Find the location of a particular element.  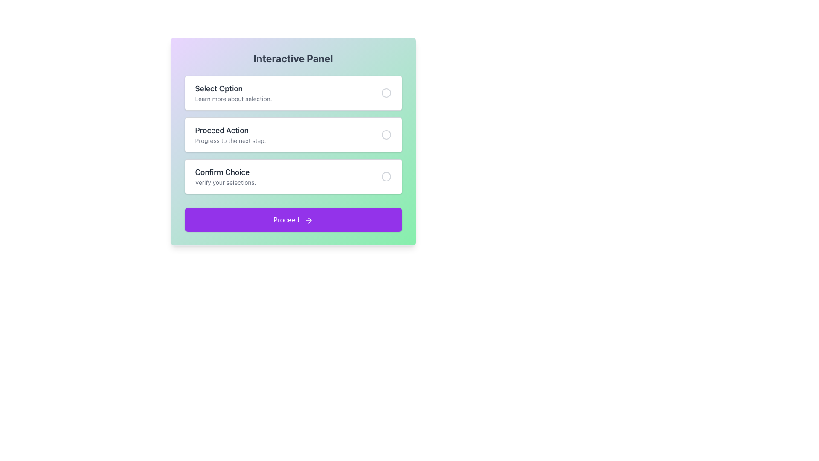

the text label that indicates the option related to progressing to the next step in the panel, located in the second row of a vertical list of options, just below 'Select Option' is located at coordinates (230, 130).